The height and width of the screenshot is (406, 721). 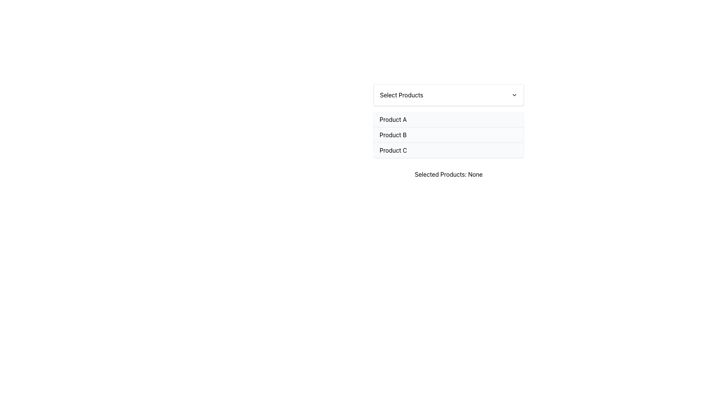 What do you see at coordinates (449, 150) in the screenshot?
I see `the 'Product C' option in the dropdown list` at bounding box center [449, 150].